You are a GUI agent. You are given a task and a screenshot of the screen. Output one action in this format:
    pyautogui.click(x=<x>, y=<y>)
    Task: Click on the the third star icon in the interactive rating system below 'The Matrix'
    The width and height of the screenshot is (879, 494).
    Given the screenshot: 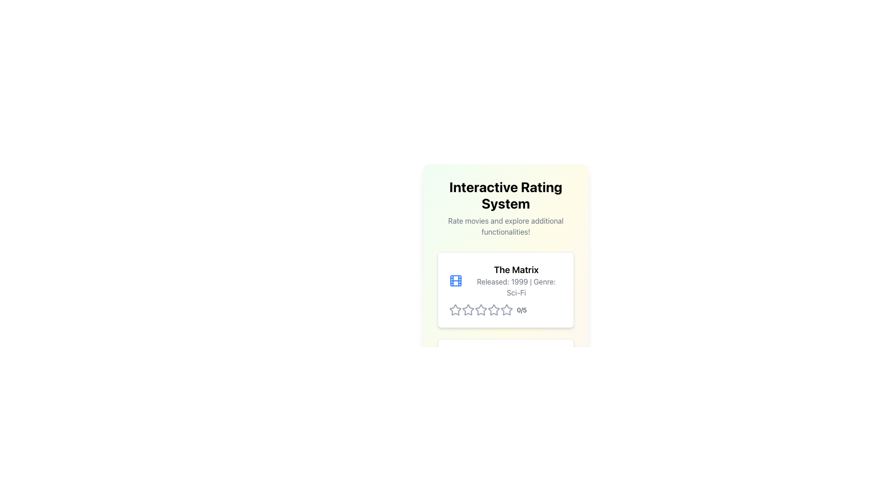 What is the action you would take?
    pyautogui.click(x=494, y=309)
    